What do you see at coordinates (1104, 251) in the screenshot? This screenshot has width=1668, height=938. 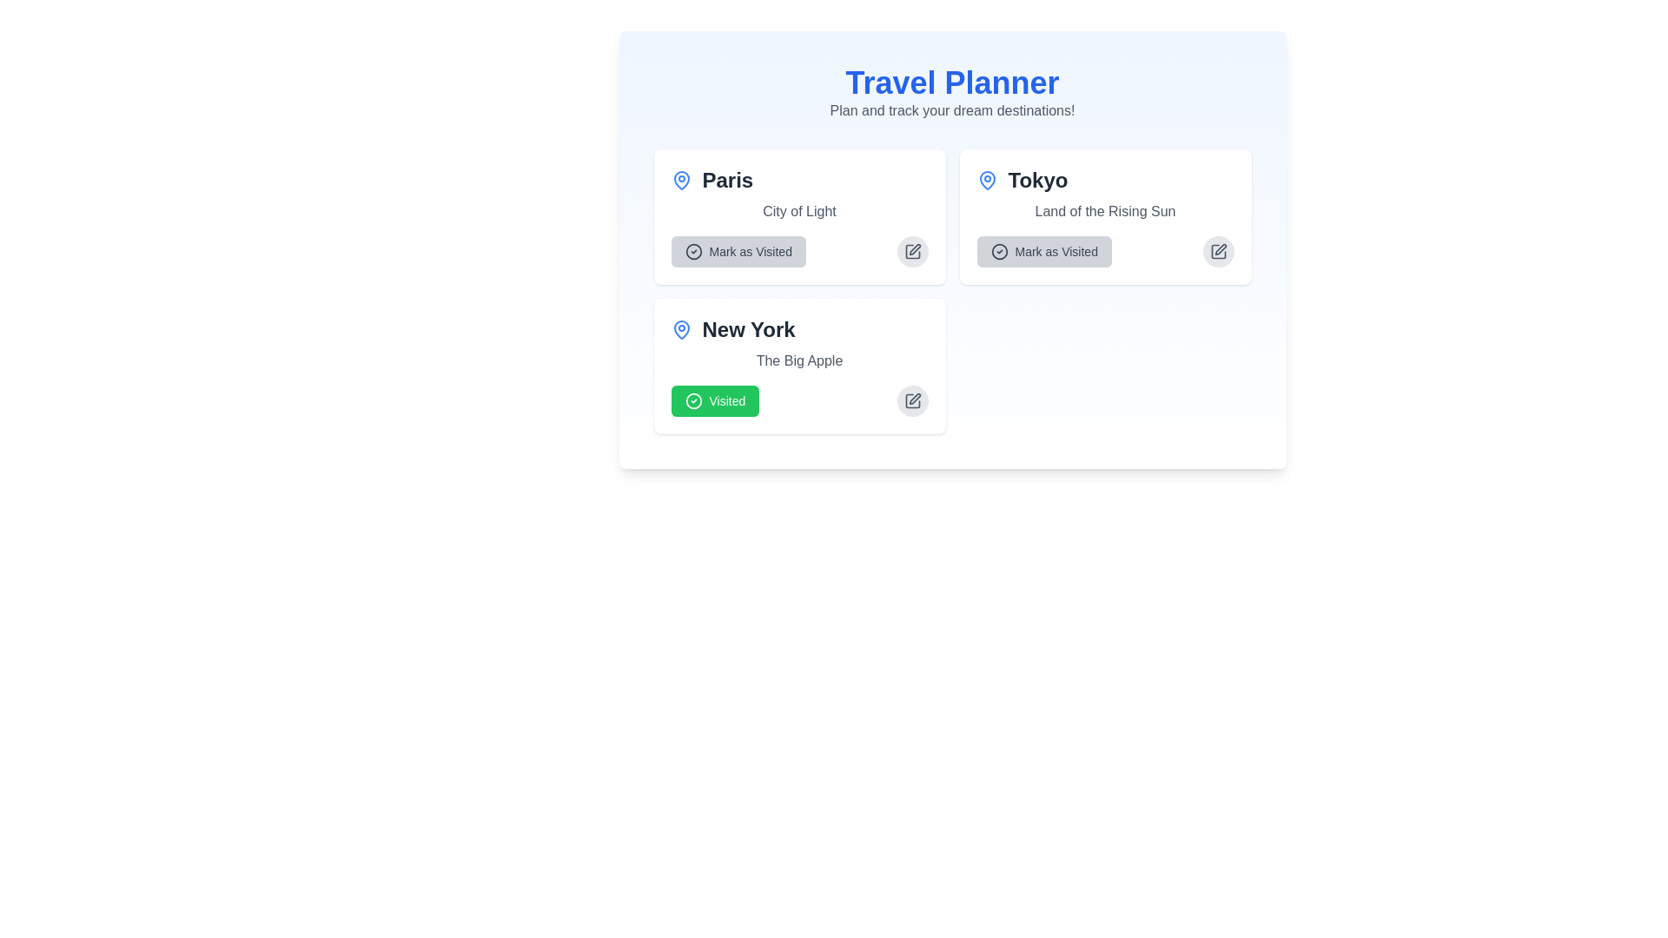 I see `the 'Mark as Visited' button with a light gray background and a checkmark icon to mark 'Tokyo' as visited` at bounding box center [1104, 251].